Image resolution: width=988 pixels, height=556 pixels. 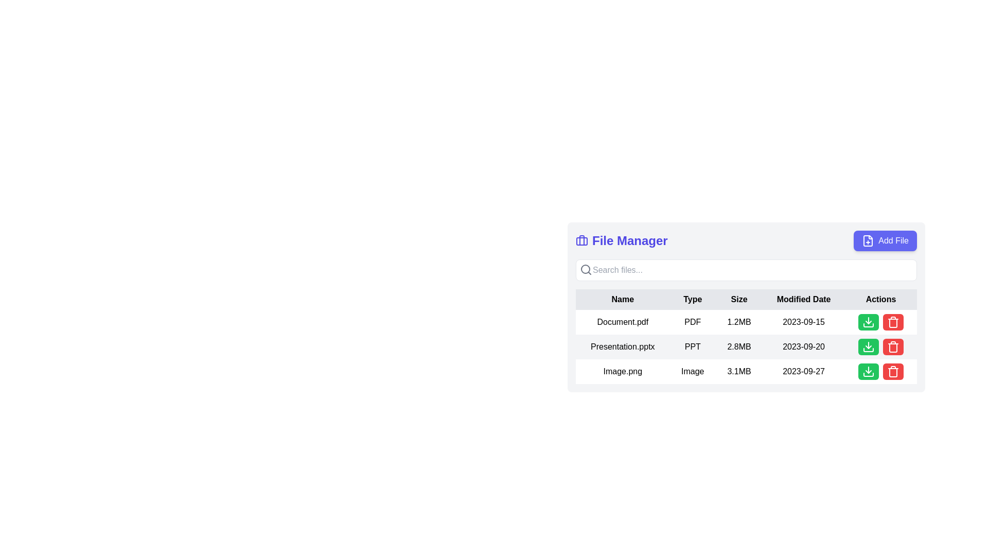 What do you see at coordinates (746, 240) in the screenshot?
I see `the 'Add File' button in the File Manager section` at bounding box center [746, 240].